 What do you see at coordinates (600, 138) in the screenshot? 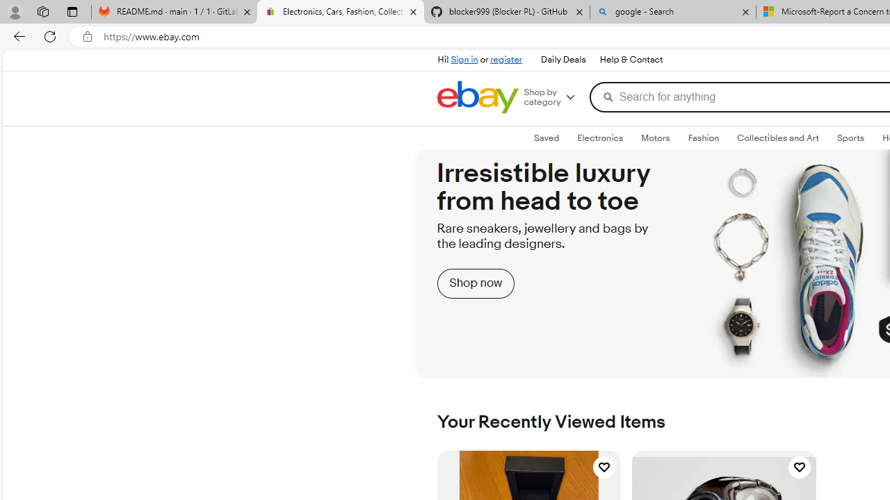
I see `'ElectronicsExpand: Electronics'` at bounding box center [600, 138].